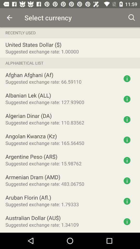 The width and height of the screenshot is (140, 249). Describe the element at coordinates (127, 201) in the screenshot. I see `get information` at that location.